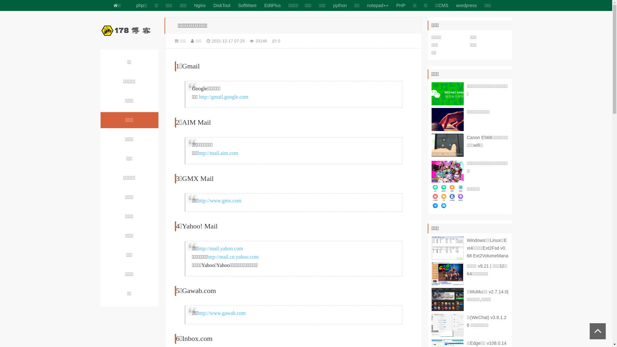 The width and height of the screenshot is (617, 347). What do you see at coordinates (219, 200) in the screenshot?
I see `'http://www.gmx.com'` at bounding box center [219, 200].